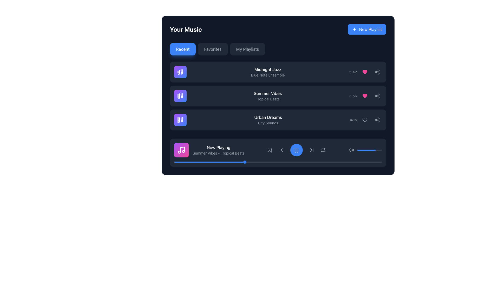 The width and height of the screenshot is (499, 281). What do you see at coordinates (219, 150) in the screenshot?
I see `currently playing track's status and title information displayed in the text element located at the bottom section of the music player interface, to the right of the colorful music icon and above the progress bar` at bounding box center [219, 150].